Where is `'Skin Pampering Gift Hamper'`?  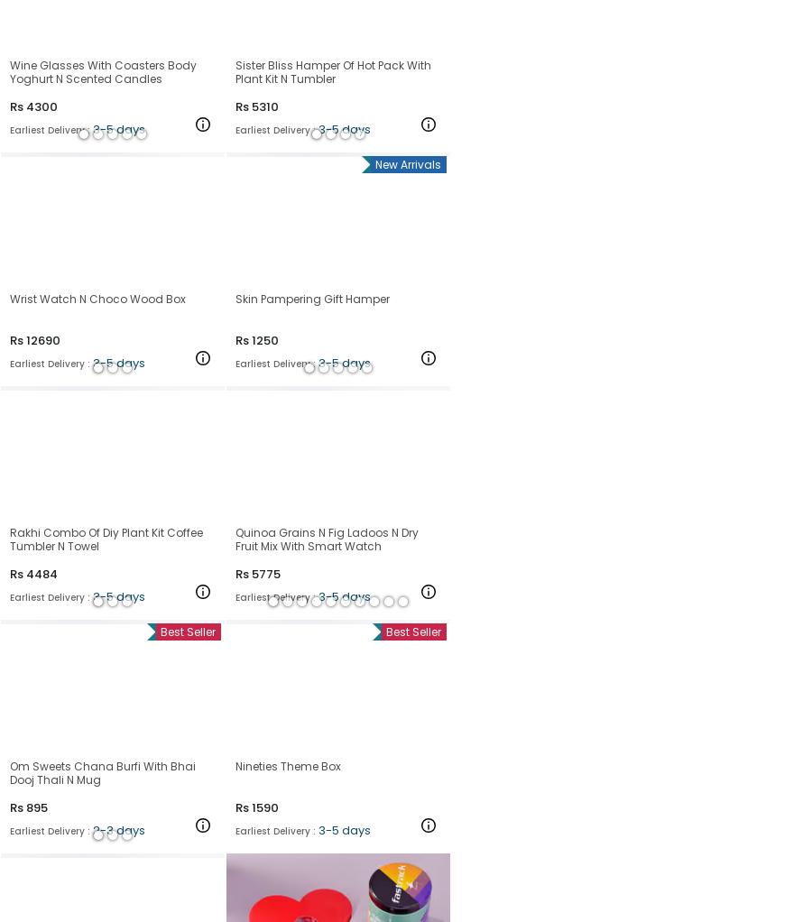 'Skin Pampering Gift Hamper' is located at coordinates (312, 298).